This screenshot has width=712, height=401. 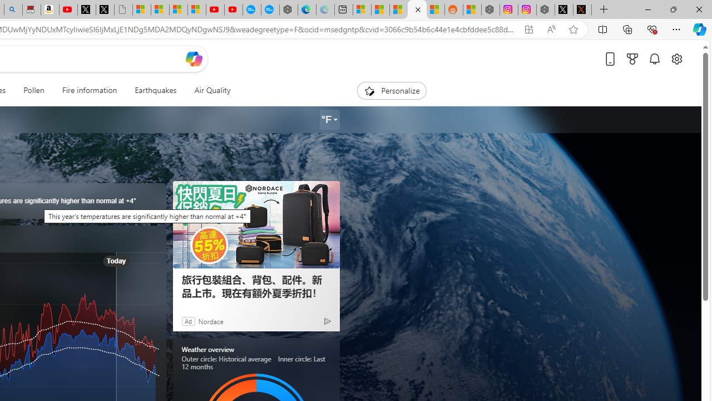 I want to click on 'Gloom - YouTube', so click(x=215, y=9).